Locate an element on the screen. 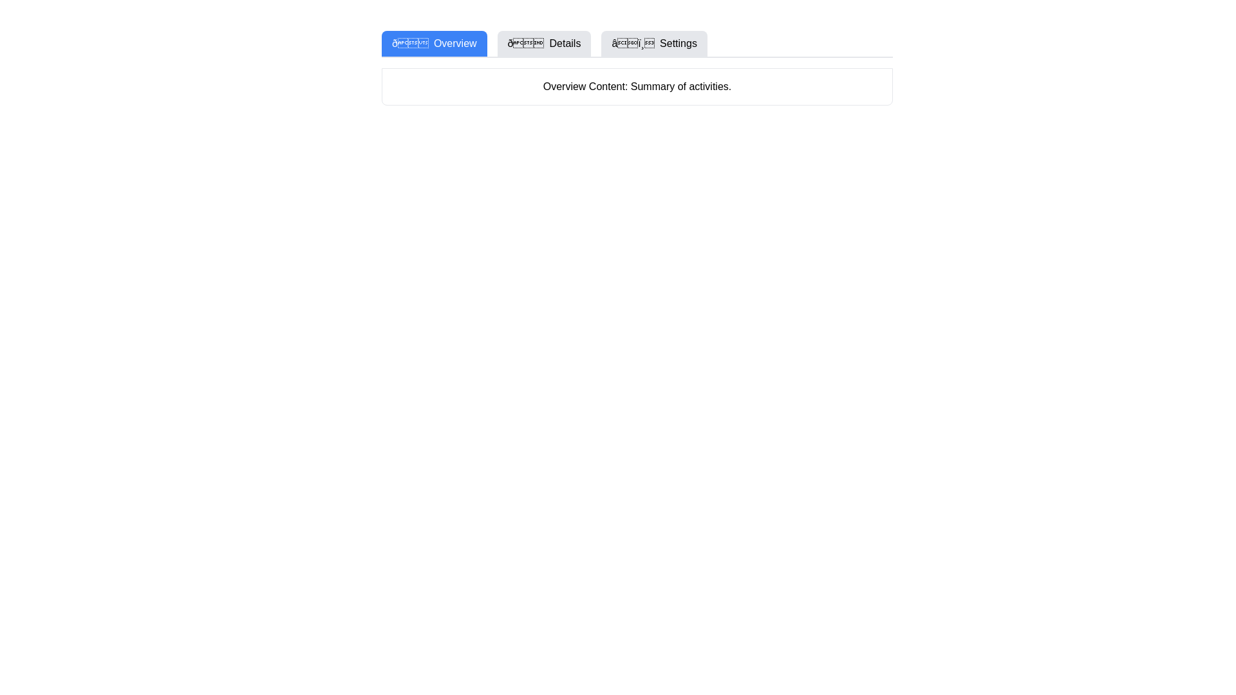 This screenshot has width=1236, height=695. the 'Details' section icon, which is positioned within the tab-like structure labeled 'Details' is located at coordinates (525, 42).